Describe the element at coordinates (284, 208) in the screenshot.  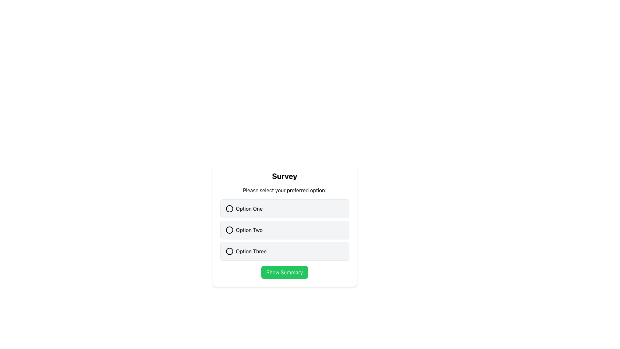
I see `the first radio button labeled 'Option One' in the survey section, which is styled as a rounded rectangle with a light gray background and black border` at that location.